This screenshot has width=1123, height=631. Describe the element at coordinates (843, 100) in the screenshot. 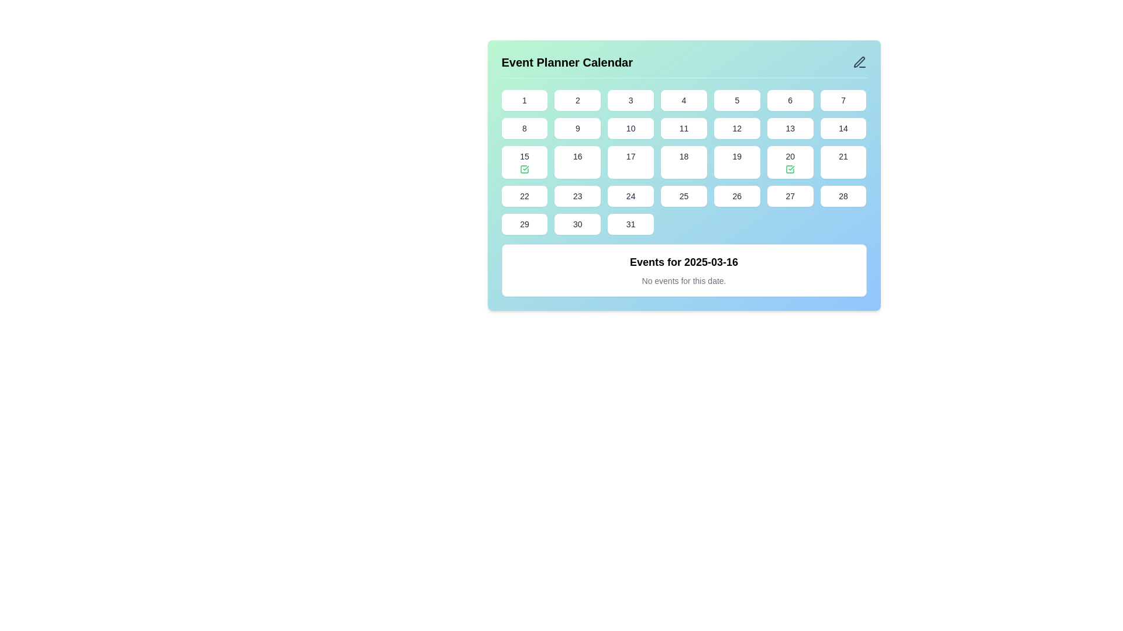

I see `the button displaying the number '7' located at the right side of the first row in the calendar interface` at that location.